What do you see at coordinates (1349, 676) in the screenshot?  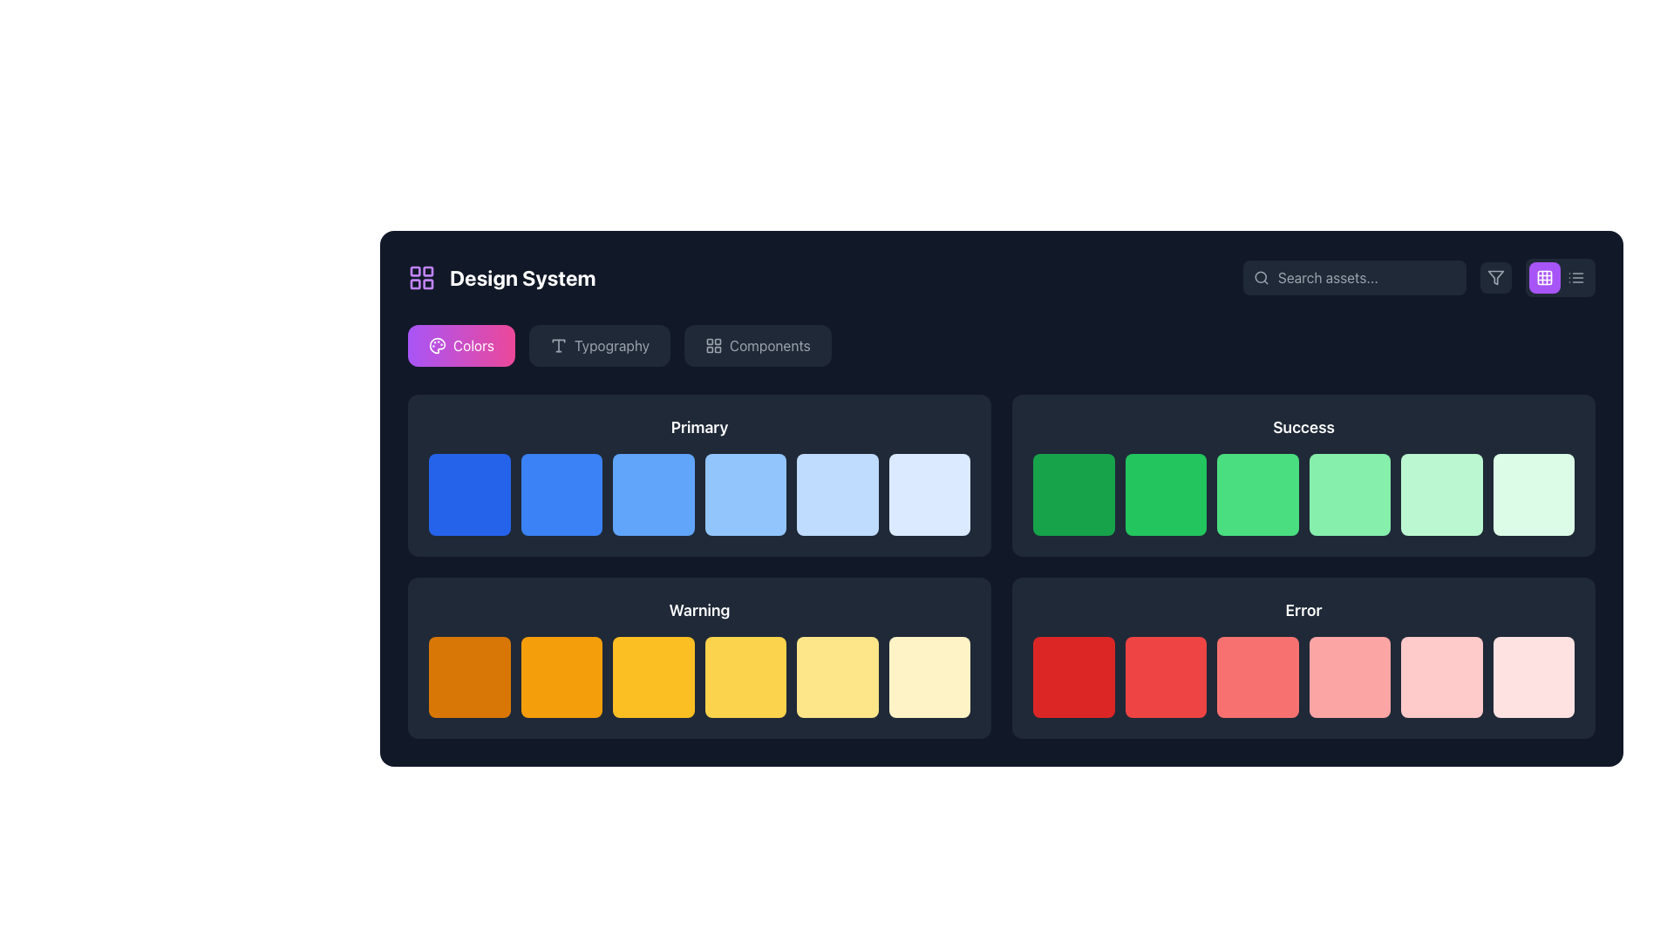 I see `the interactive color block with a light pink fill color, which is the fourth element in the 'Error' row of the color palette grid` at bounding box center [1349, 676].